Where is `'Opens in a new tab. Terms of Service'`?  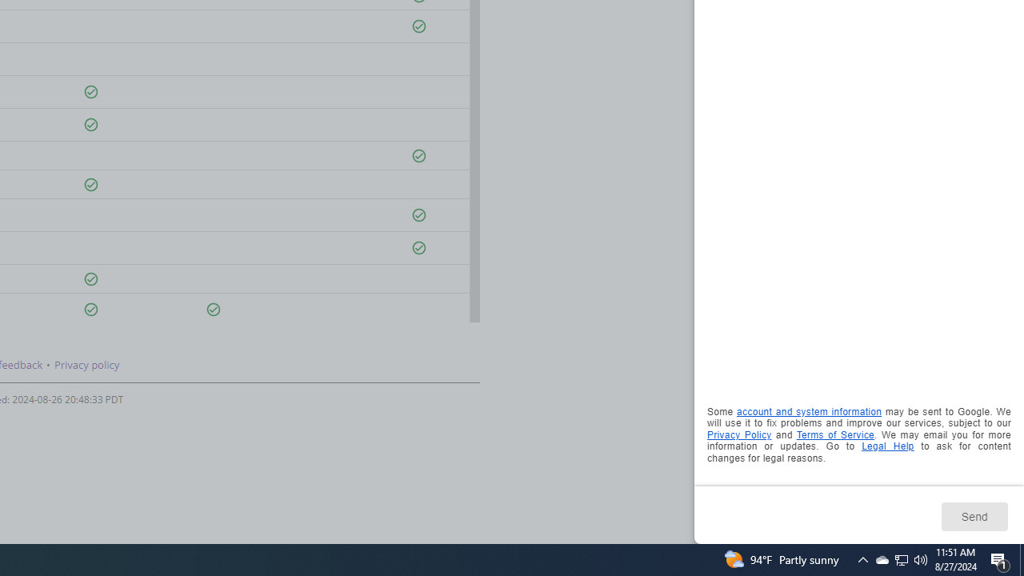
'Opens in a new tab. Terms of Service' is located at coordinates (834, 434).